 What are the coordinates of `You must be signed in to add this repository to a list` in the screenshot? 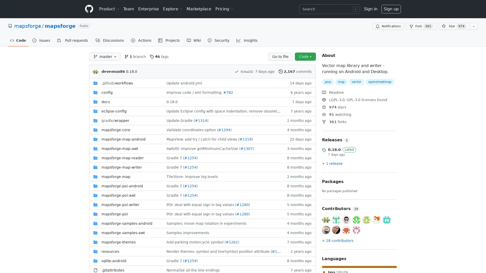 It's located at (473, 26).